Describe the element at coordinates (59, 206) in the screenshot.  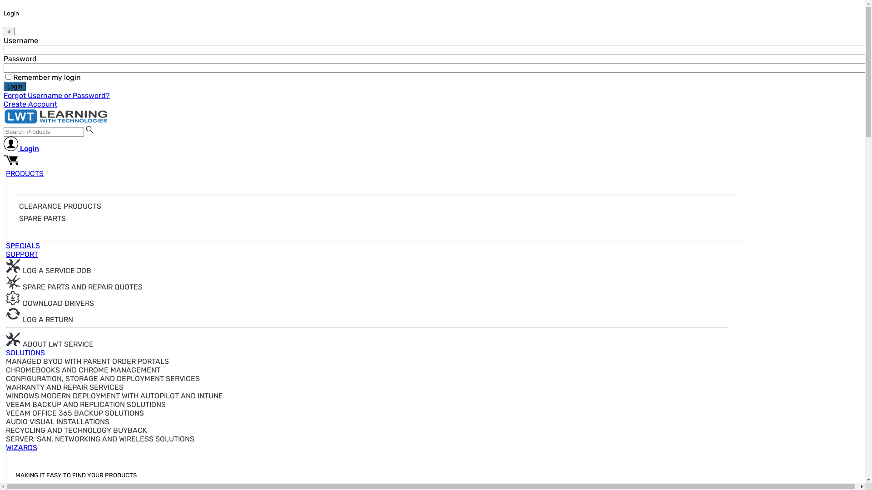
I see `'CLEARANCE PRODUCTS'` at that location.